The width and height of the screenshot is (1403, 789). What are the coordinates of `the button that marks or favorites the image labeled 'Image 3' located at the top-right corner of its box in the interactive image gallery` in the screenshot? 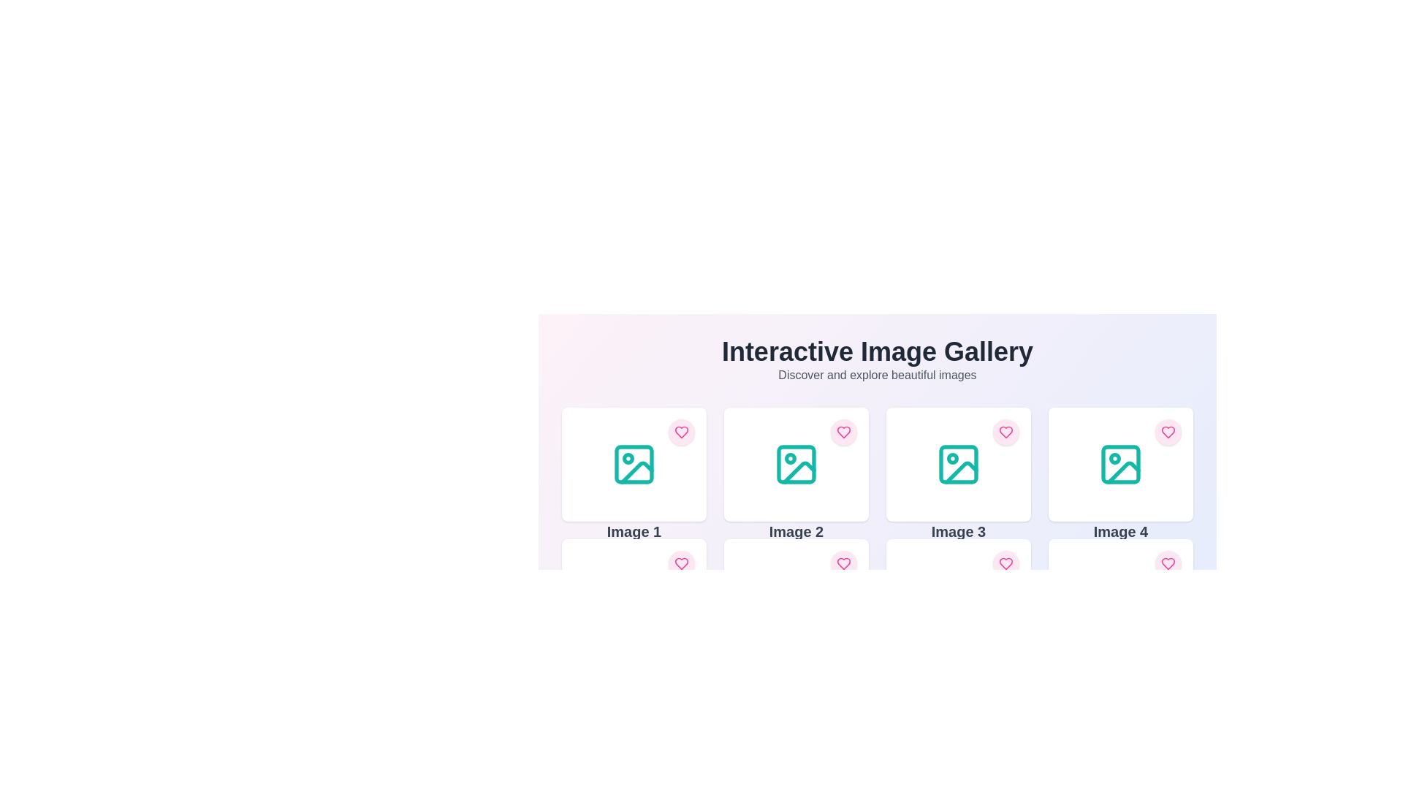 It's located at (1005, 431).